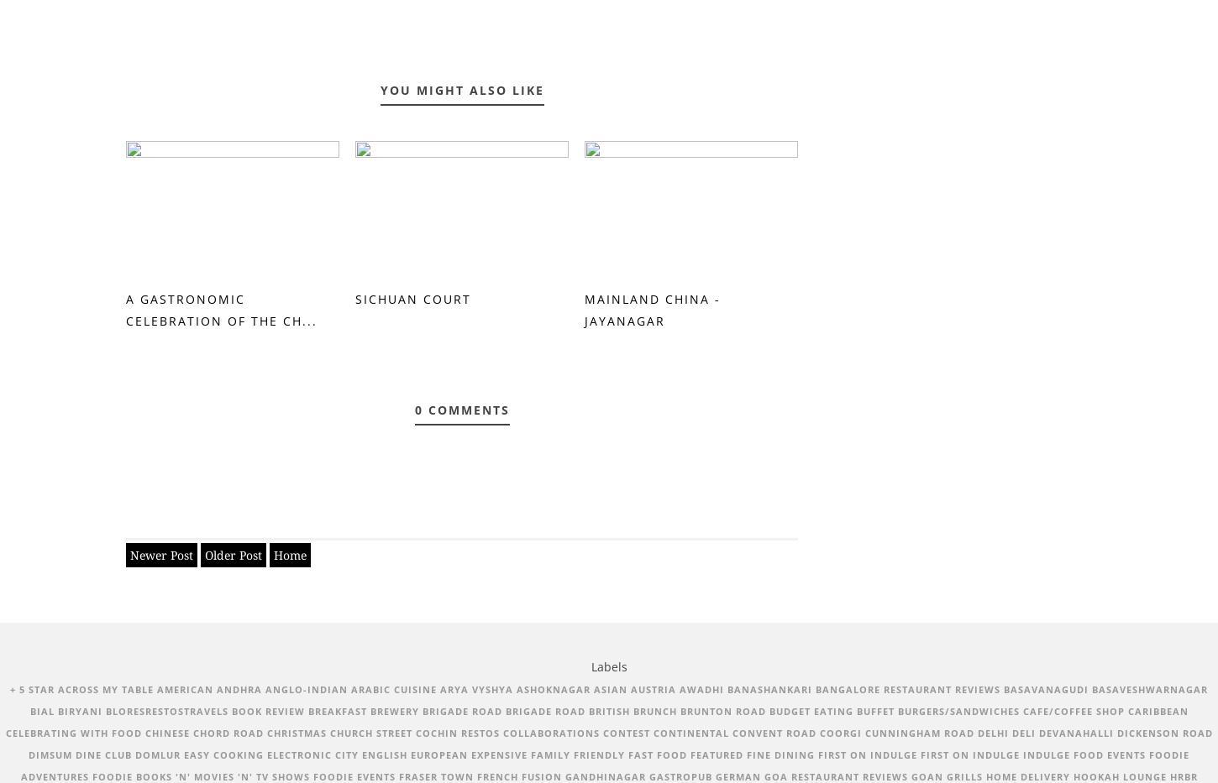 Image resolution: width=1218 pixels, height=783 pixels. I want to click on 'Across my Table', so click(105, 688).